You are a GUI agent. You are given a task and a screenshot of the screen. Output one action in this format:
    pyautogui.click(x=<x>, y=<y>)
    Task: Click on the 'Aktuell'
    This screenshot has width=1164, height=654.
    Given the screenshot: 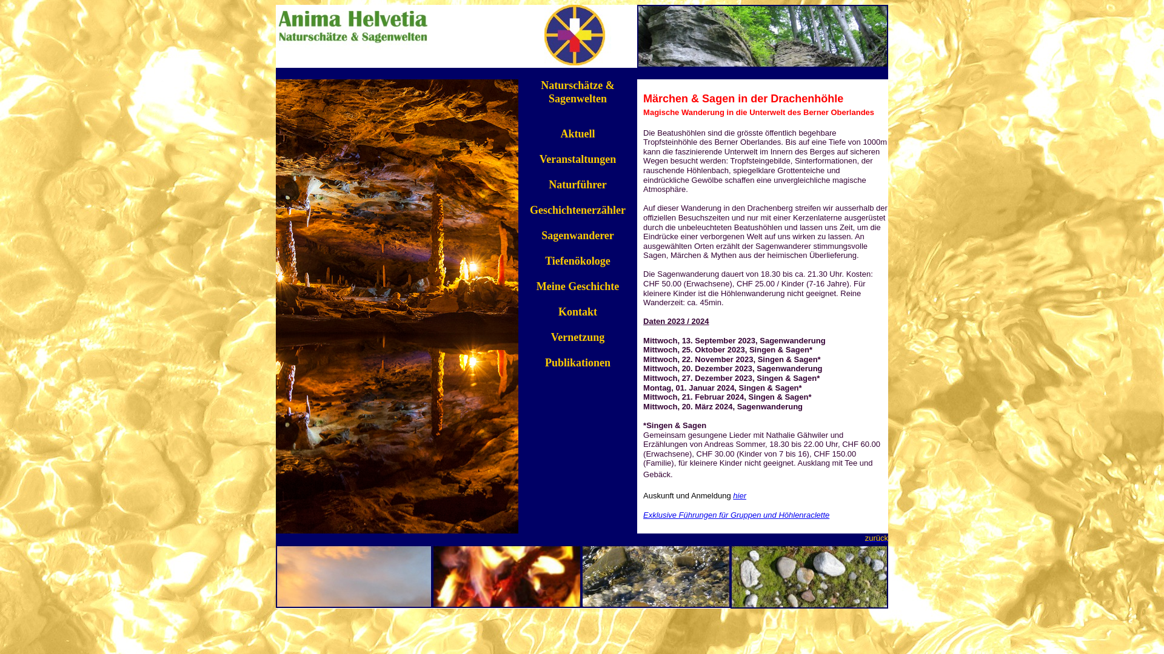 What is the action you would take?
    pyautogui.click(x=577, y=133)
    